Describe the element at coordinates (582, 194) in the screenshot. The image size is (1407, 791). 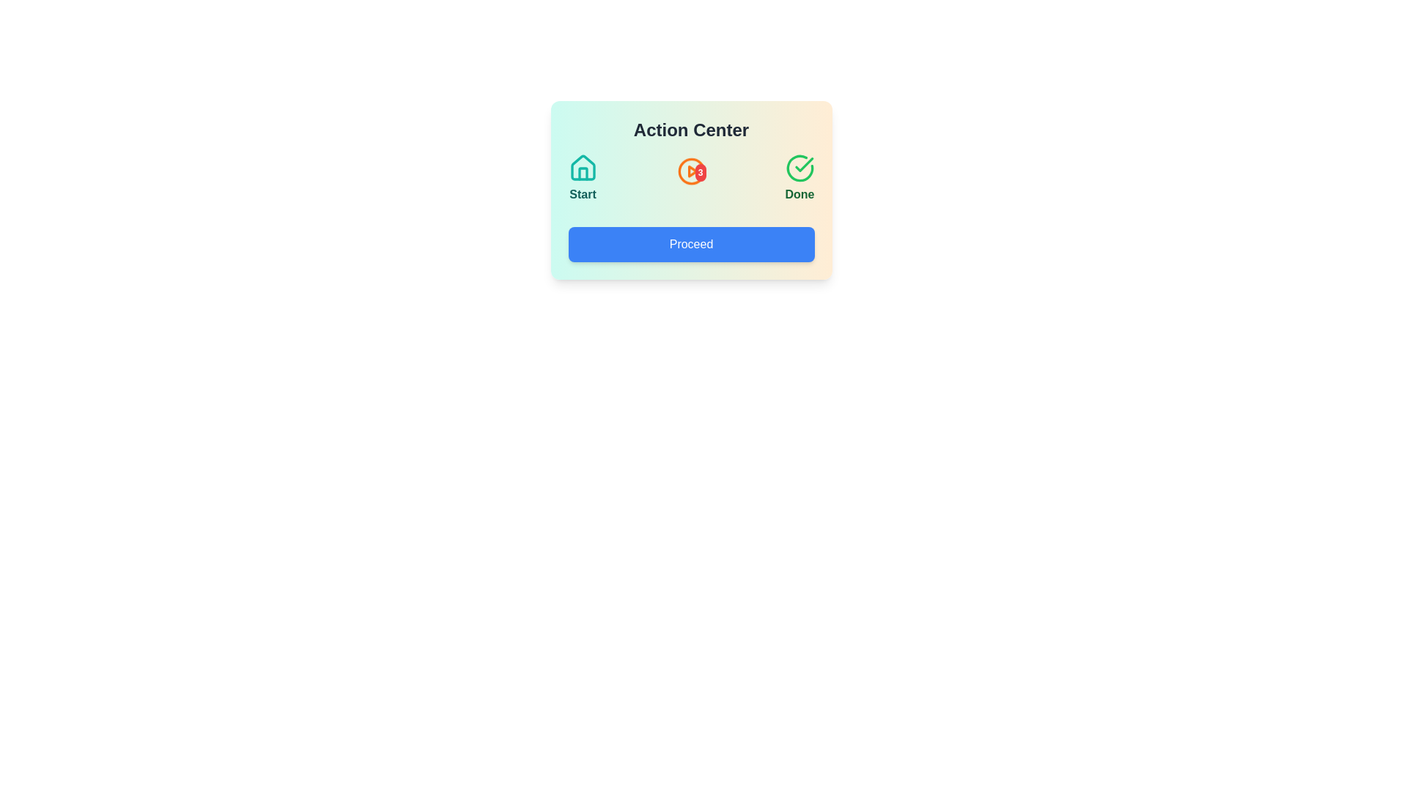
I see `the 'Start' text label which is styled in teal color and bold font, located within the 'Action Center' card beneath the house-shaped icon` at that location.